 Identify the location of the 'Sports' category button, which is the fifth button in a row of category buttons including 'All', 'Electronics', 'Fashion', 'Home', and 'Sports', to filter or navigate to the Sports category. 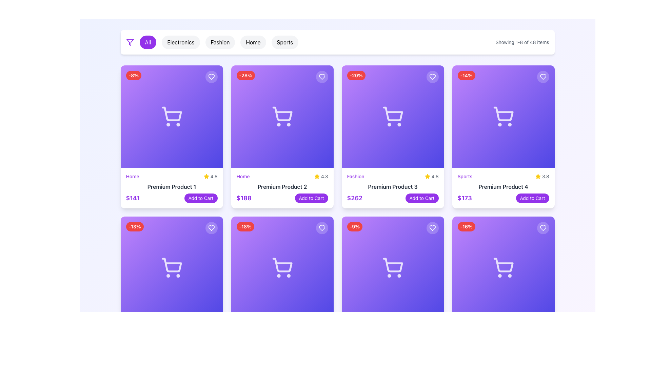
(285, 42).